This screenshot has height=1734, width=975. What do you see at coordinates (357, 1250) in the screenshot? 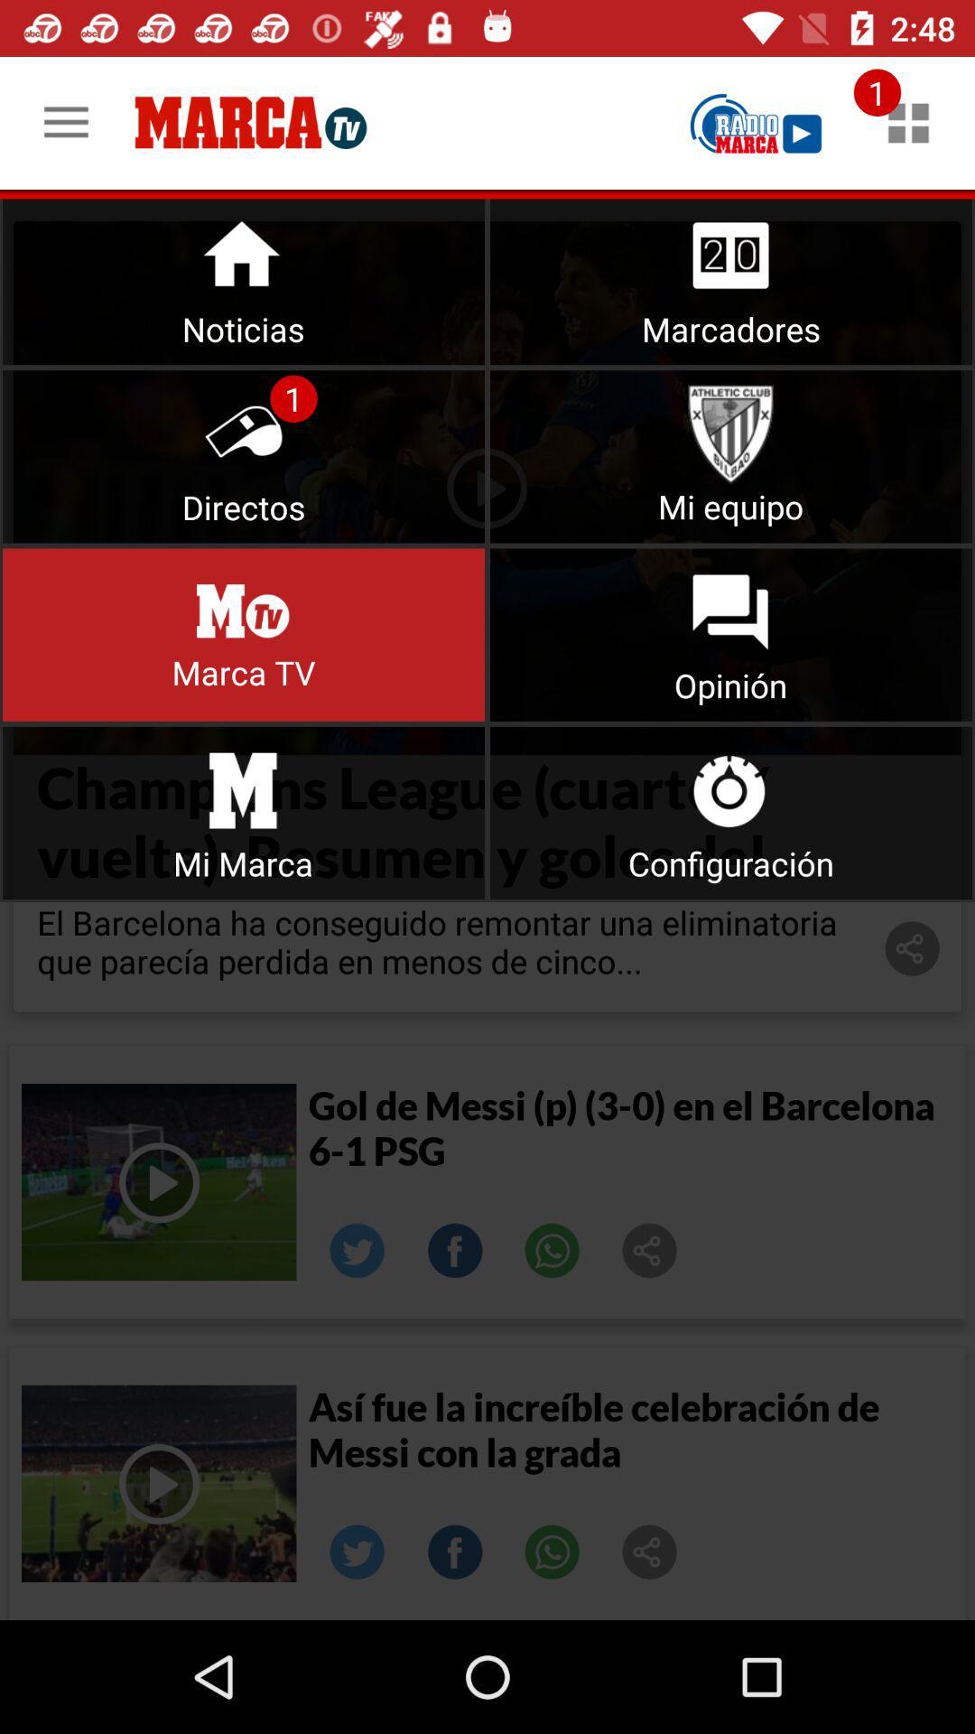
I see `share to twitter` at bounding box center [357, 1250].